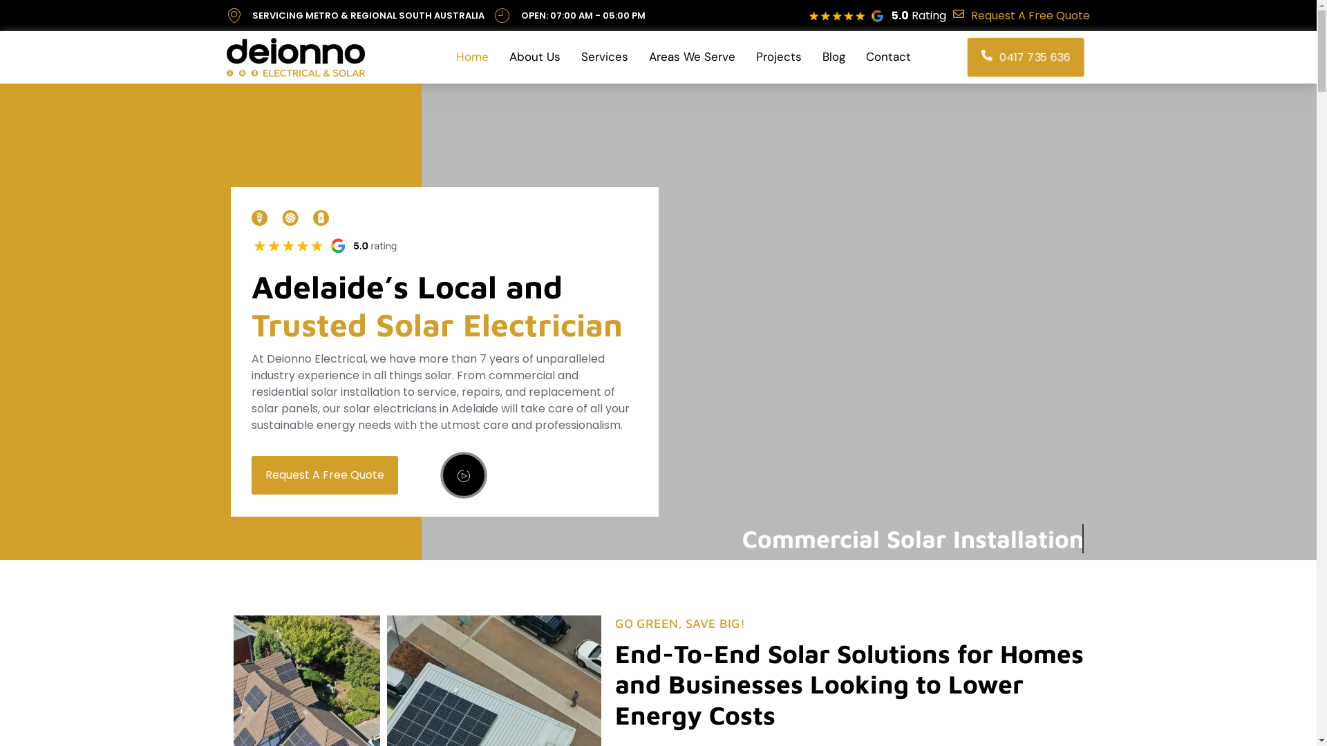  I want to click on 'Projects', so click(779, 57).